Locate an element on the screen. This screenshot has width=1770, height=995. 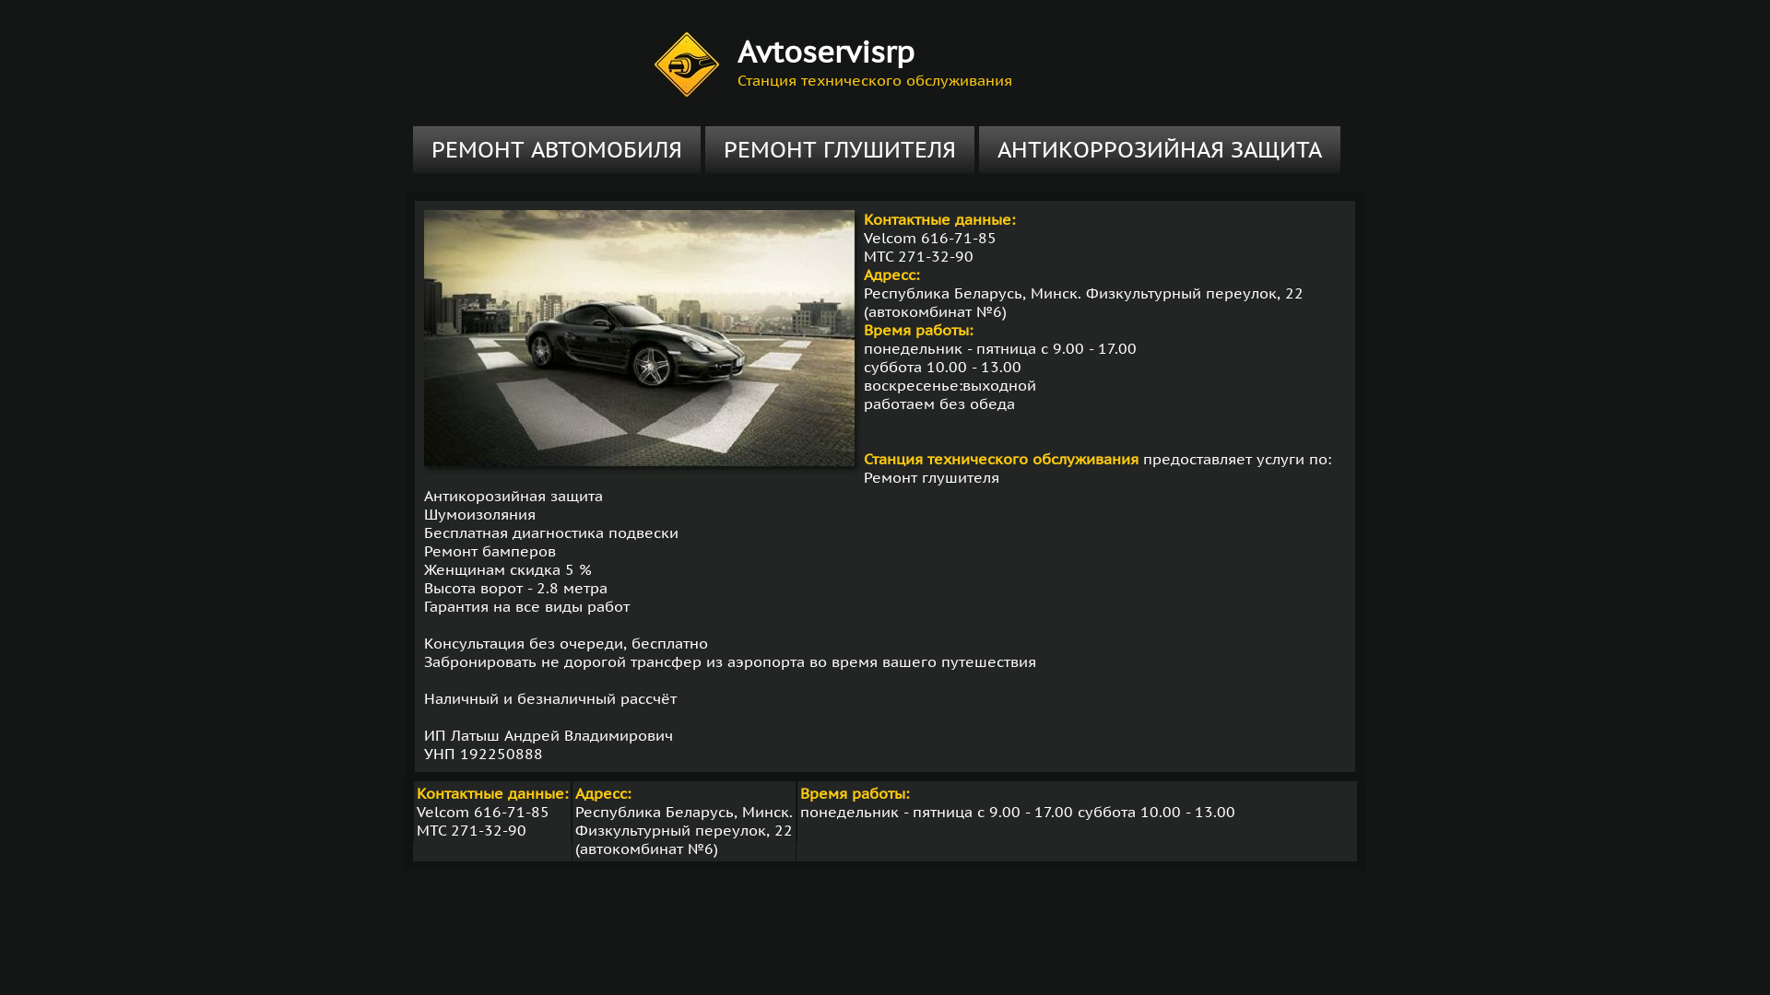
'Avtoservisrp' is located at coordinates (825, 51).